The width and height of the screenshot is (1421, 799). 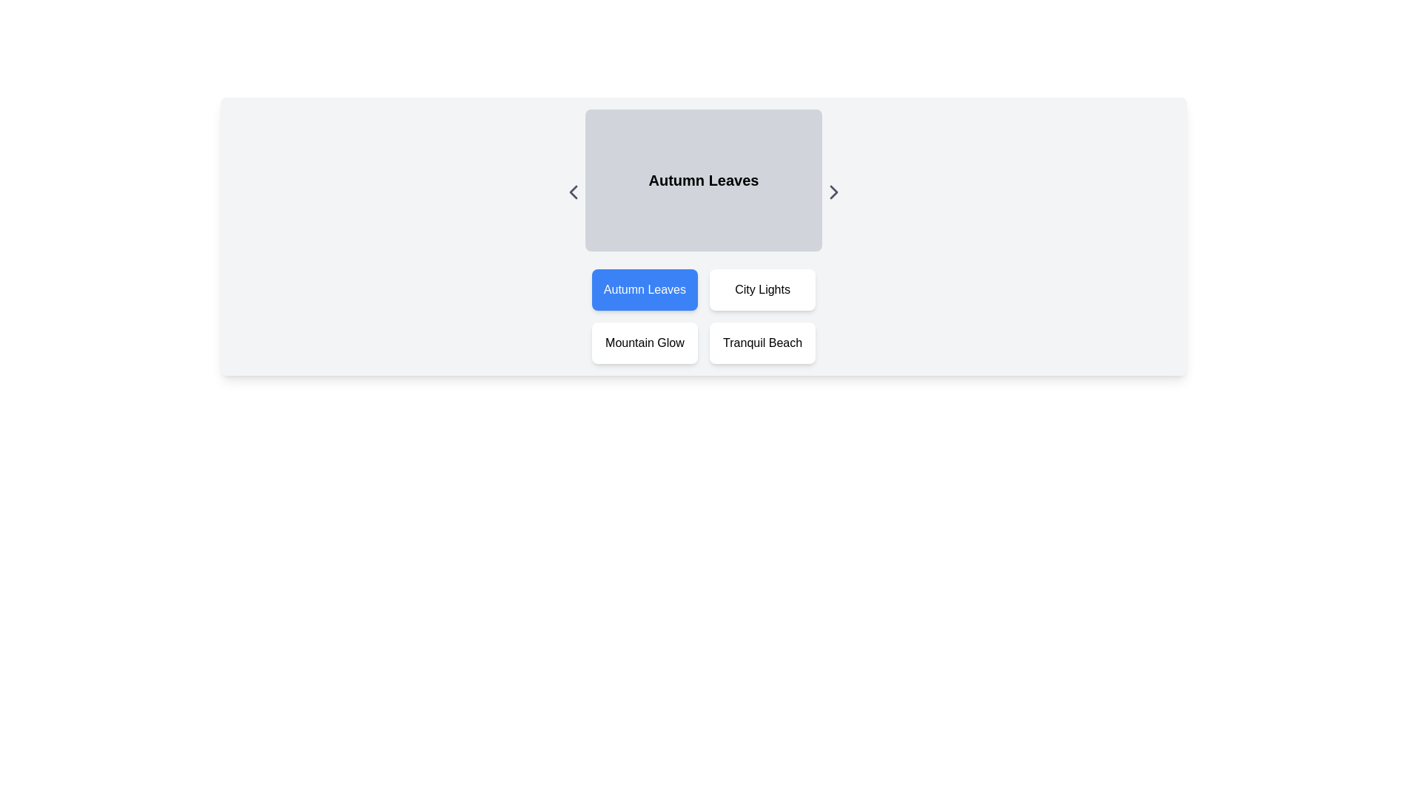 What do you see at coordinates (645, 290) in the screenshot?
I see `the button in the top-left corner of the two-column layout grid` at bounding box center [645, 290].